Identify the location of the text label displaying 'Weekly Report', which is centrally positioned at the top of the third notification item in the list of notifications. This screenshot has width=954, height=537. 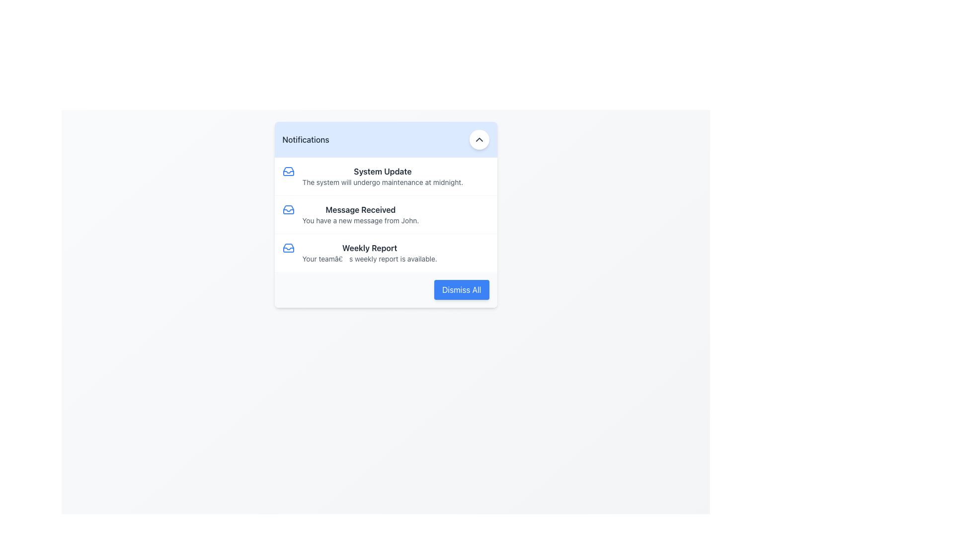
(369, 247).